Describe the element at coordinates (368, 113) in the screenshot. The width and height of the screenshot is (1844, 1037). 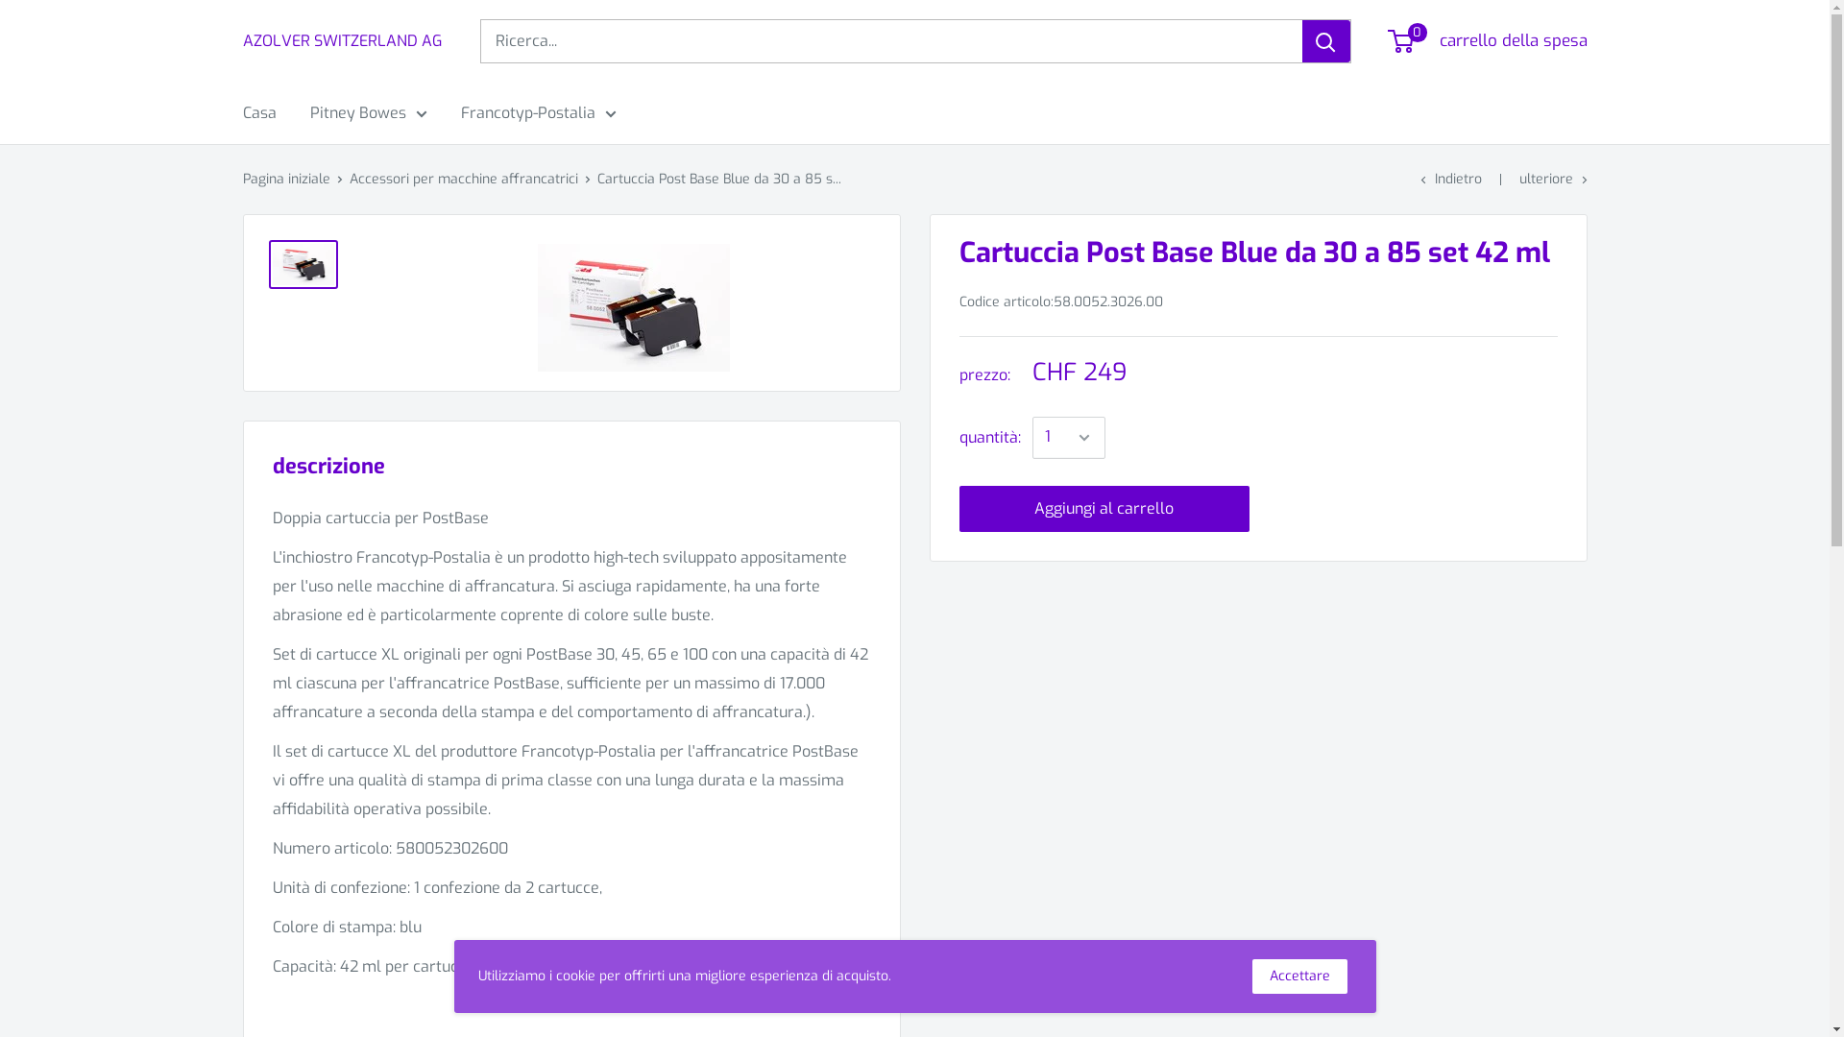
I see `'Pitney Bowes'` at that location.